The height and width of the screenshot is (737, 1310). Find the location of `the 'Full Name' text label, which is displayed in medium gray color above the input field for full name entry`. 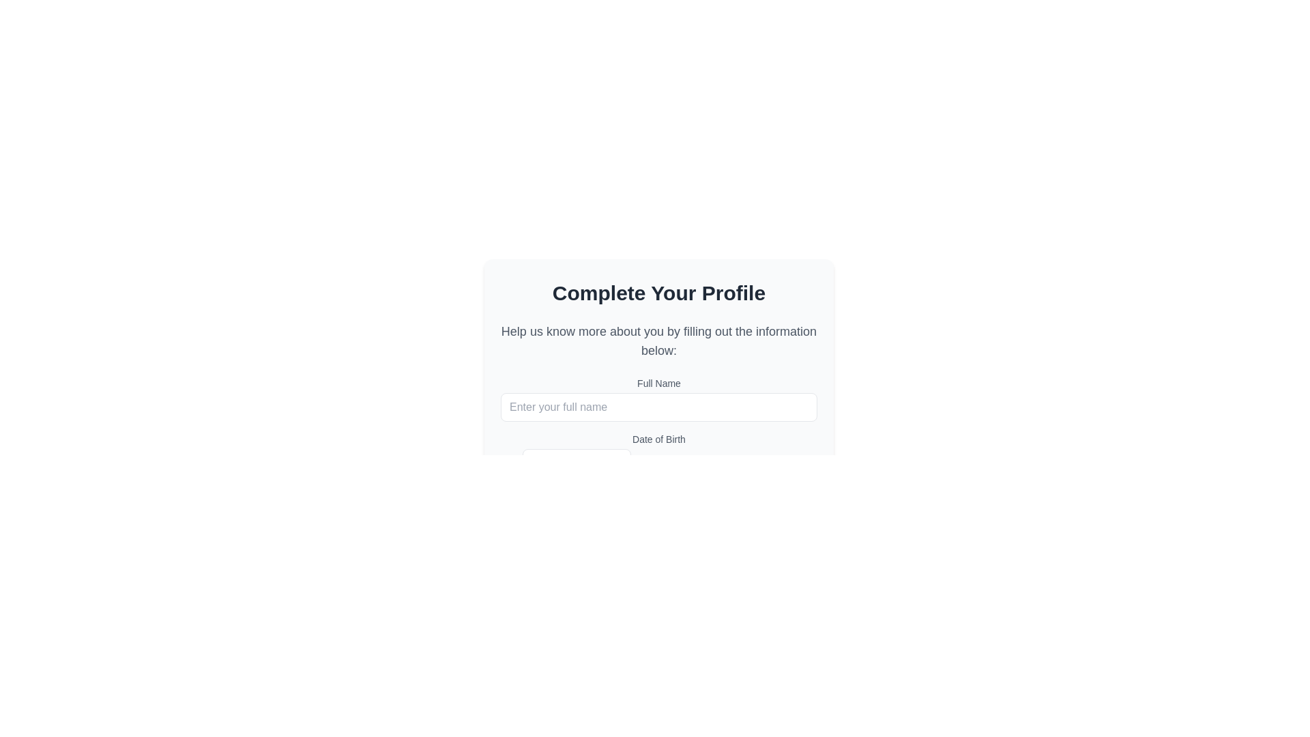

the 'Full Name' text label, which is displayed in medium gray color above the input field for full name entry is located at coordinates (658, 384).